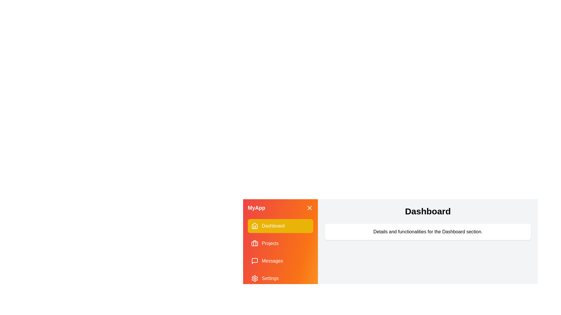  What do you see at coordinates (280, 226) in the screenshot?
I see `the menu item Dashboard` at bounding box center [280, 226].